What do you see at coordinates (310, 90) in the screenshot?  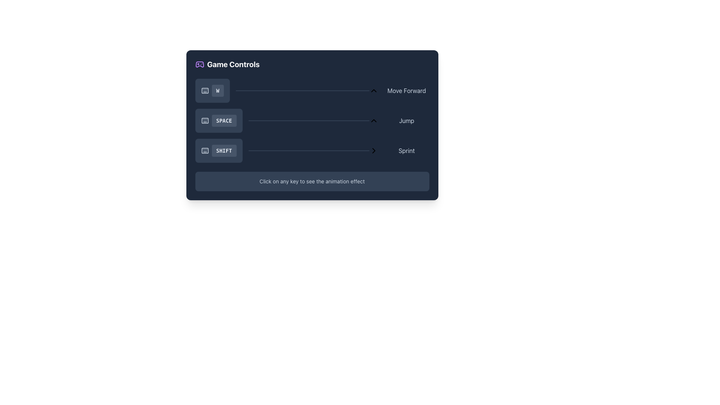 I see `the slider` at bounding box center [310, 90].